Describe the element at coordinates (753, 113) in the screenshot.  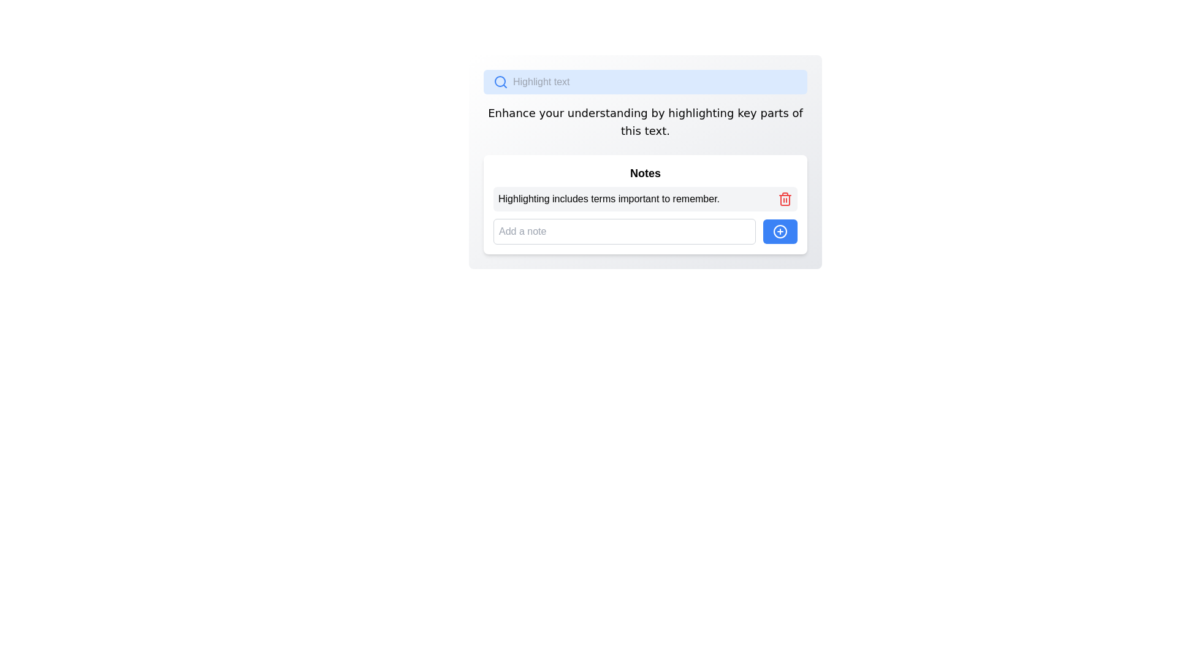
I see `the eighth letter 'k' in the text 'by highlighting key parts of this text.'` at that location.